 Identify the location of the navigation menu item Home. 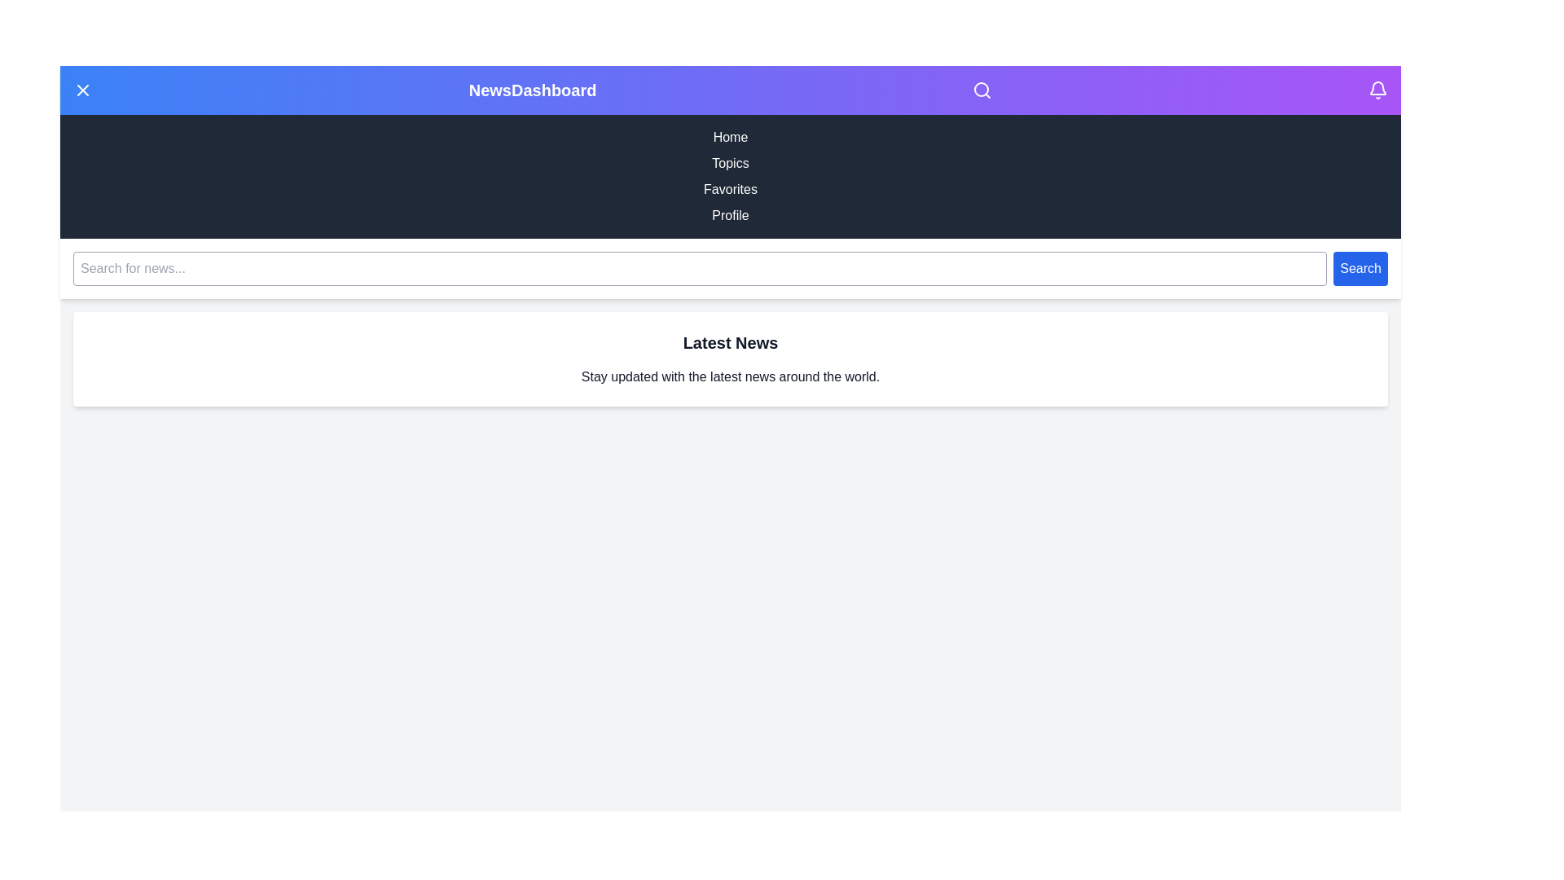
(730, 137).